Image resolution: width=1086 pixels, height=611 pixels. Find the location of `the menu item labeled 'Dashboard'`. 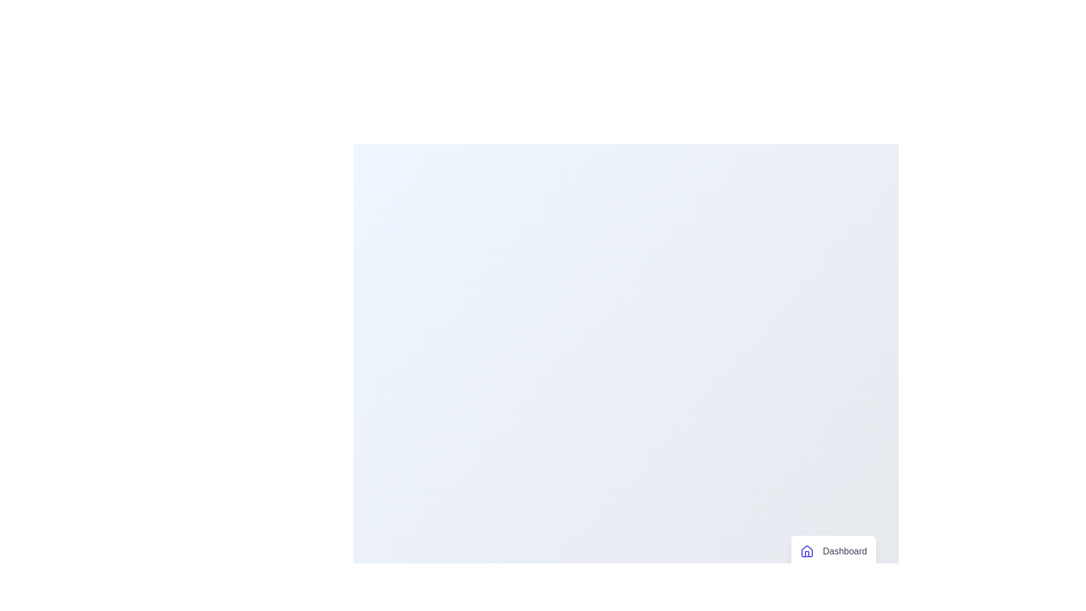

the menu item labeled 'Dashboard' is located at coordinates (833, 551).